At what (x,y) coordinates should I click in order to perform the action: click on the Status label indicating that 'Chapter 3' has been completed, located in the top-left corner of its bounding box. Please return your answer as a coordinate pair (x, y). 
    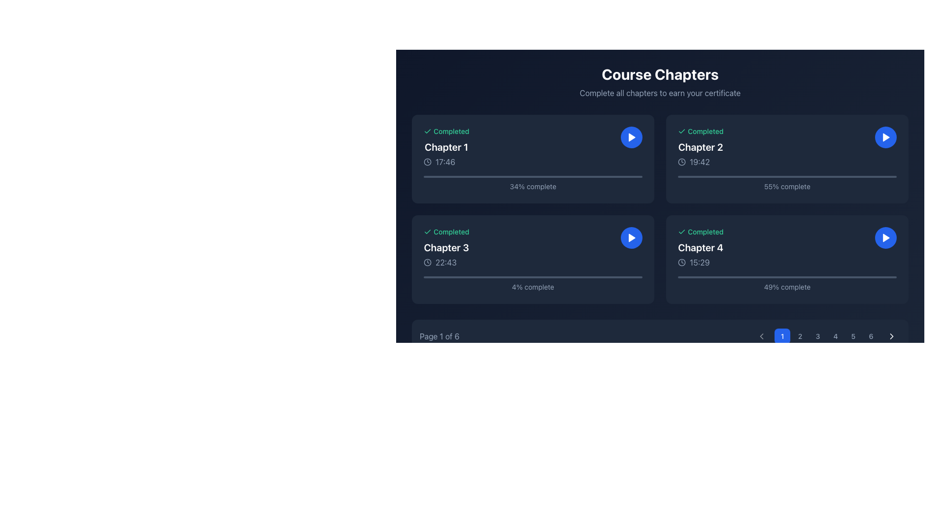
    Looking at the image, I should click on (446, 232).